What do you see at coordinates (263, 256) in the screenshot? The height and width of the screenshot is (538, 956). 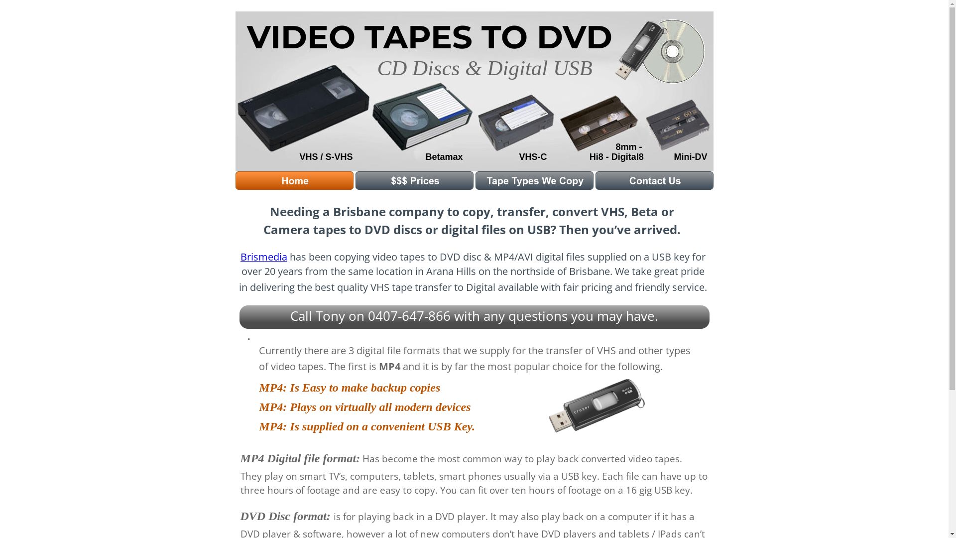 I see `'Brismedia'` at bounding box center [263, 256].